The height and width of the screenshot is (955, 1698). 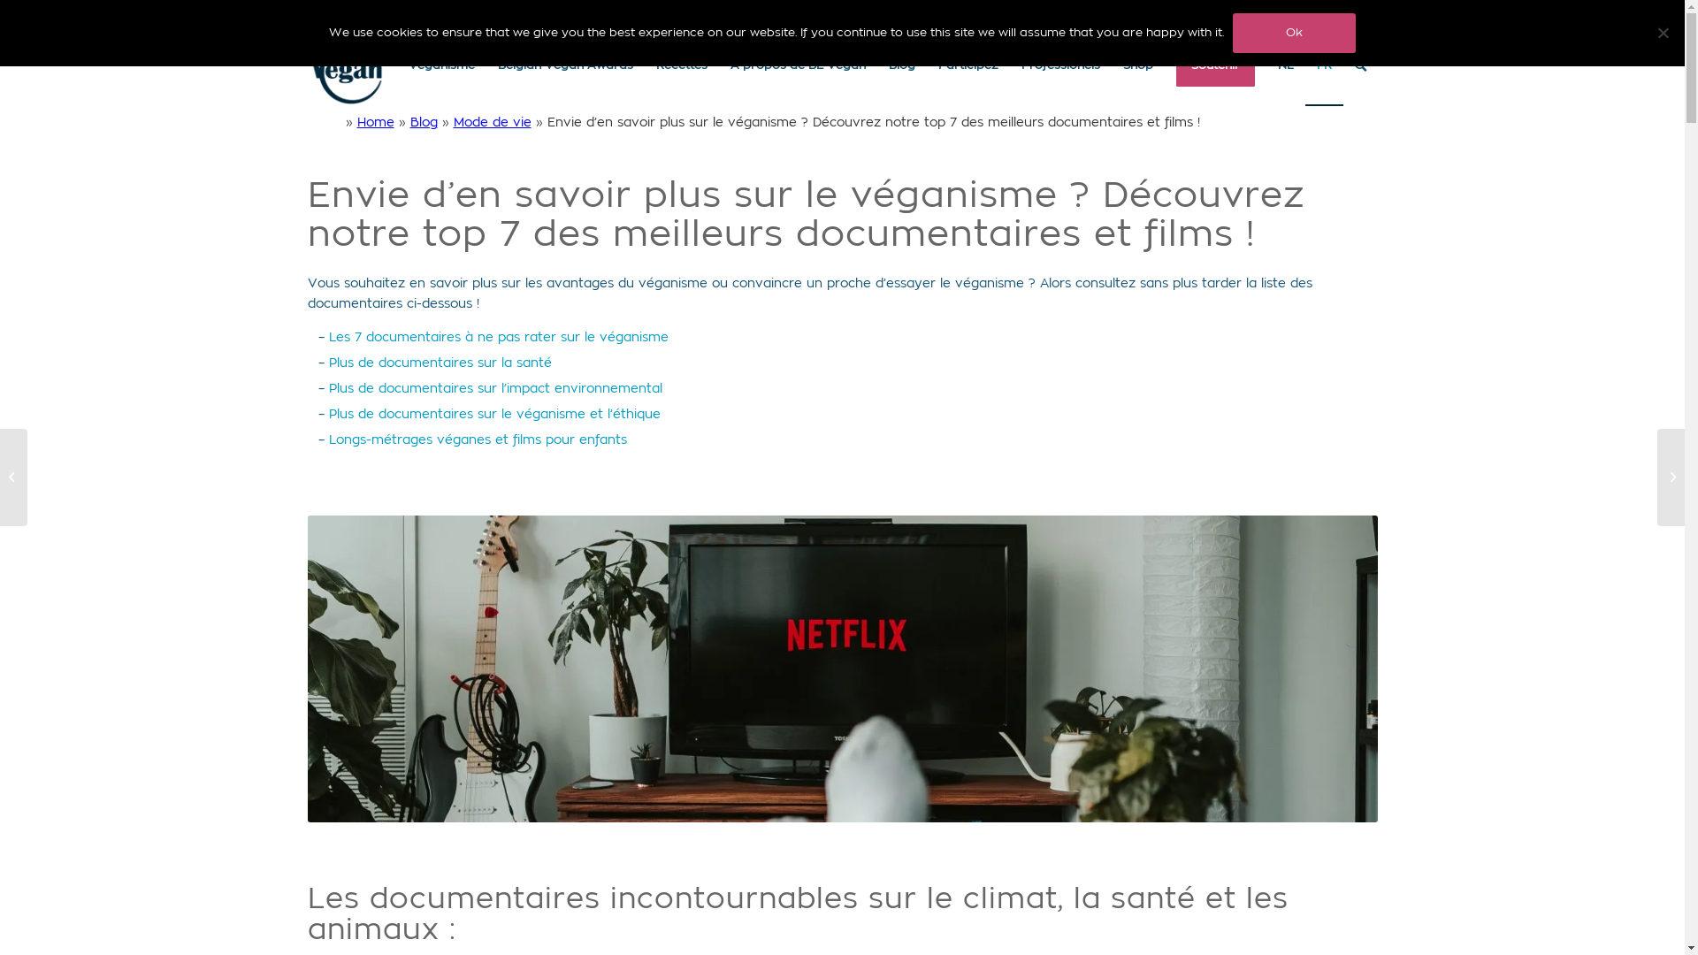 What do you see at coordinates (1060, 65) in the screenshot?
I see `'Professionels'` at bounding box center [1060, 65].